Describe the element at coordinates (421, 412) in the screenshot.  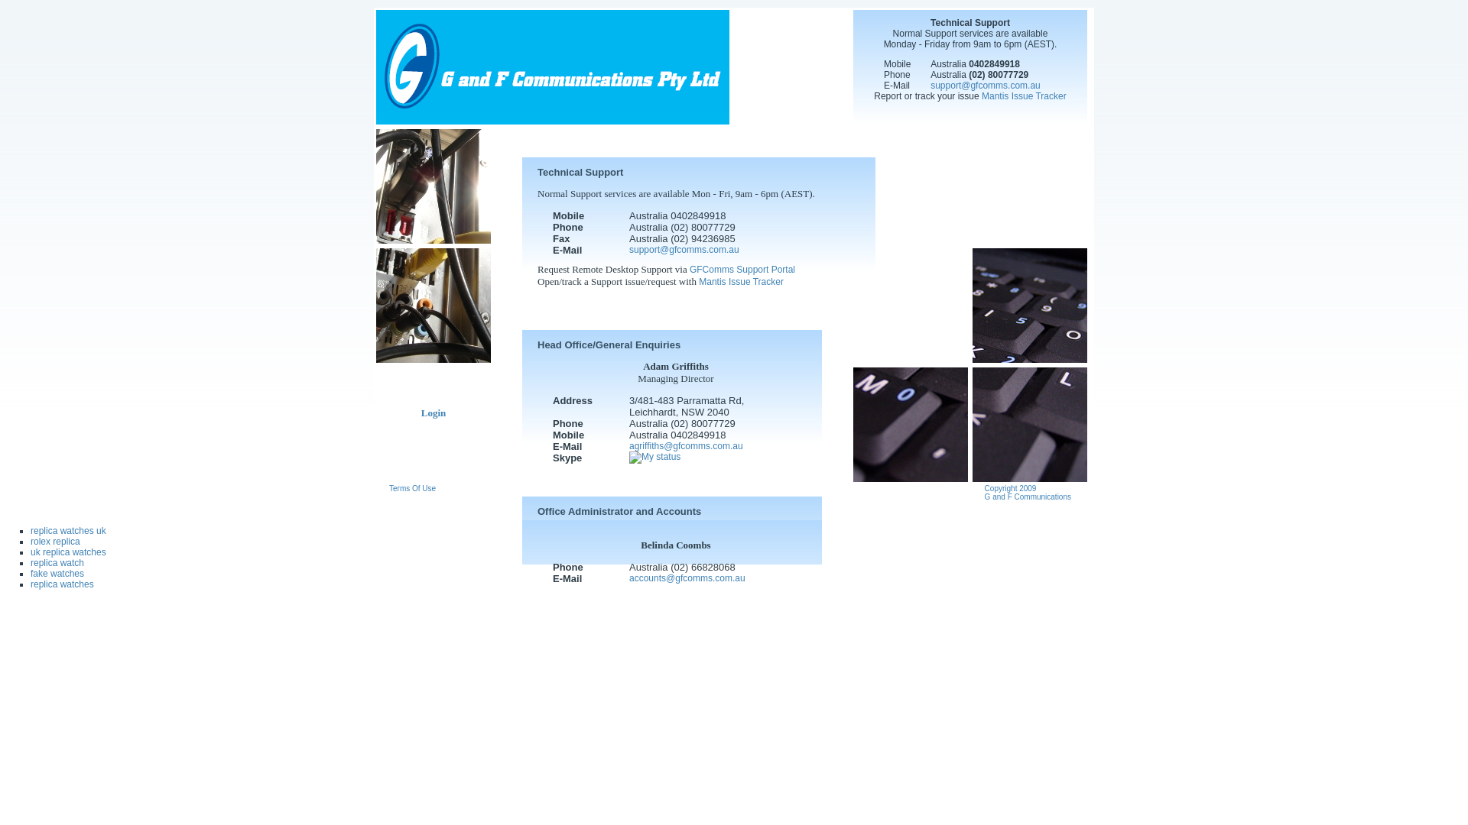
I see `'Login'` at that location.